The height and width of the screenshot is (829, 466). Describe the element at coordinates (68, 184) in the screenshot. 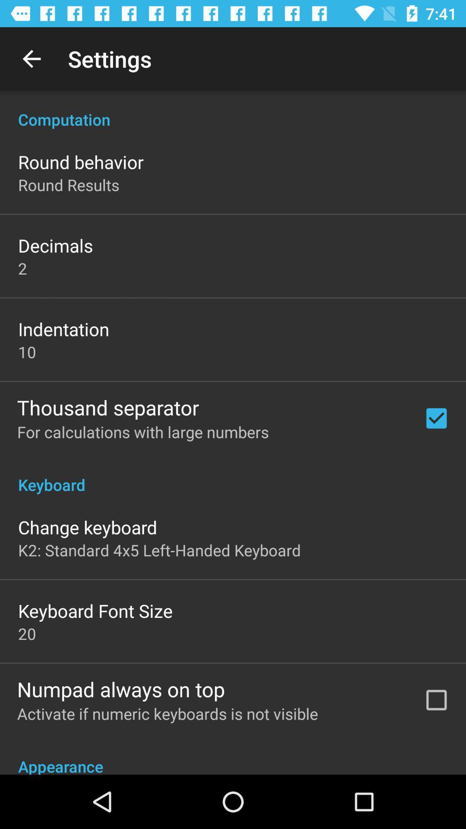

I see `app above decimals` at that location.